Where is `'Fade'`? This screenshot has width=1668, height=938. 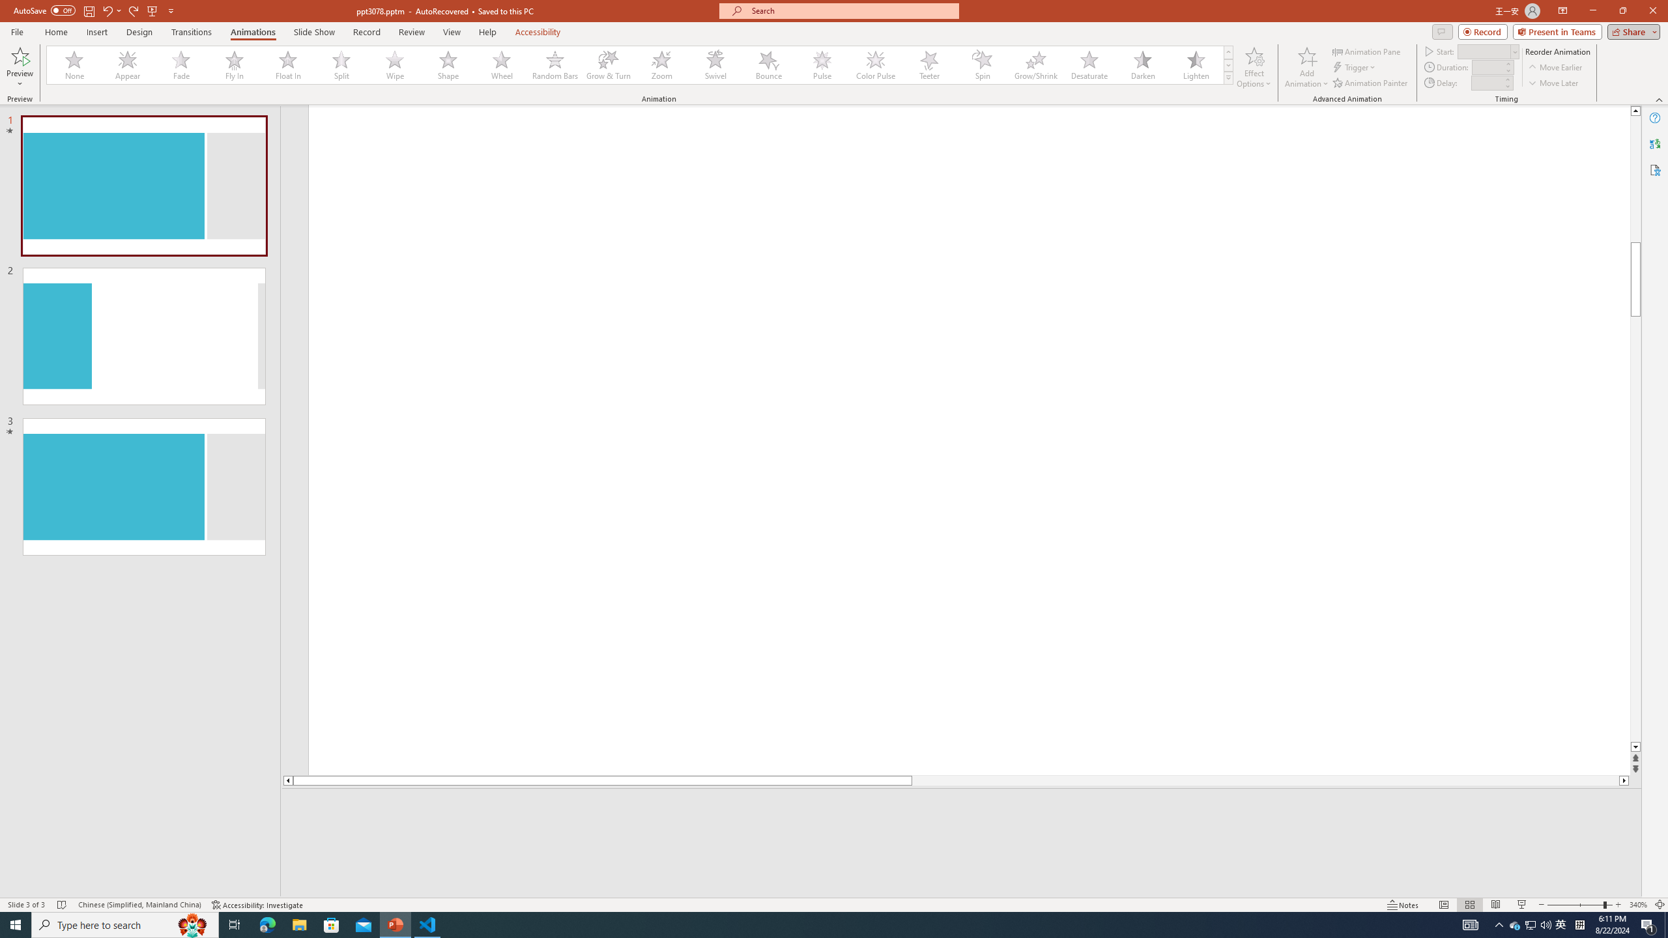
'Fade' is located at coordinates (181, 64).